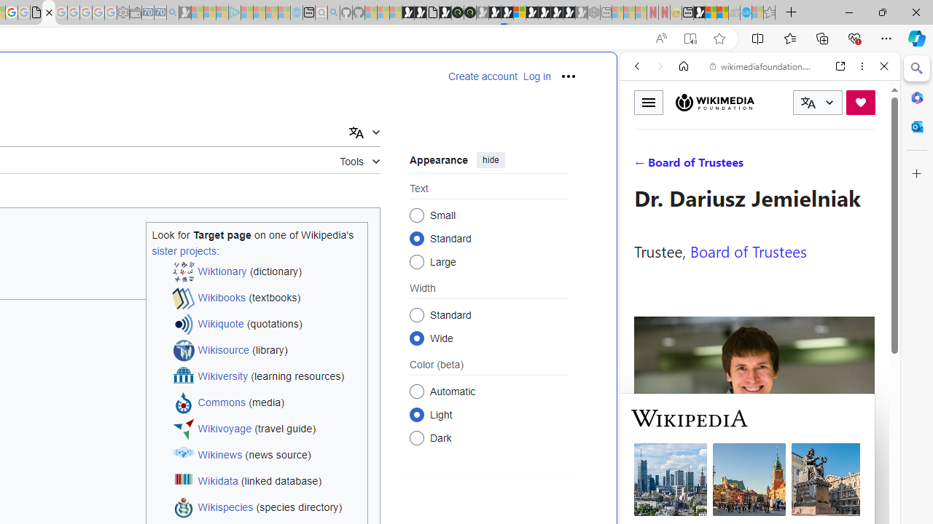 Image resolution: width=933 pixels, height=524 pixels. Describe the element at coordinates (122, 12) in the screenshot. I see `'Settings - Sleeping'` at that location.